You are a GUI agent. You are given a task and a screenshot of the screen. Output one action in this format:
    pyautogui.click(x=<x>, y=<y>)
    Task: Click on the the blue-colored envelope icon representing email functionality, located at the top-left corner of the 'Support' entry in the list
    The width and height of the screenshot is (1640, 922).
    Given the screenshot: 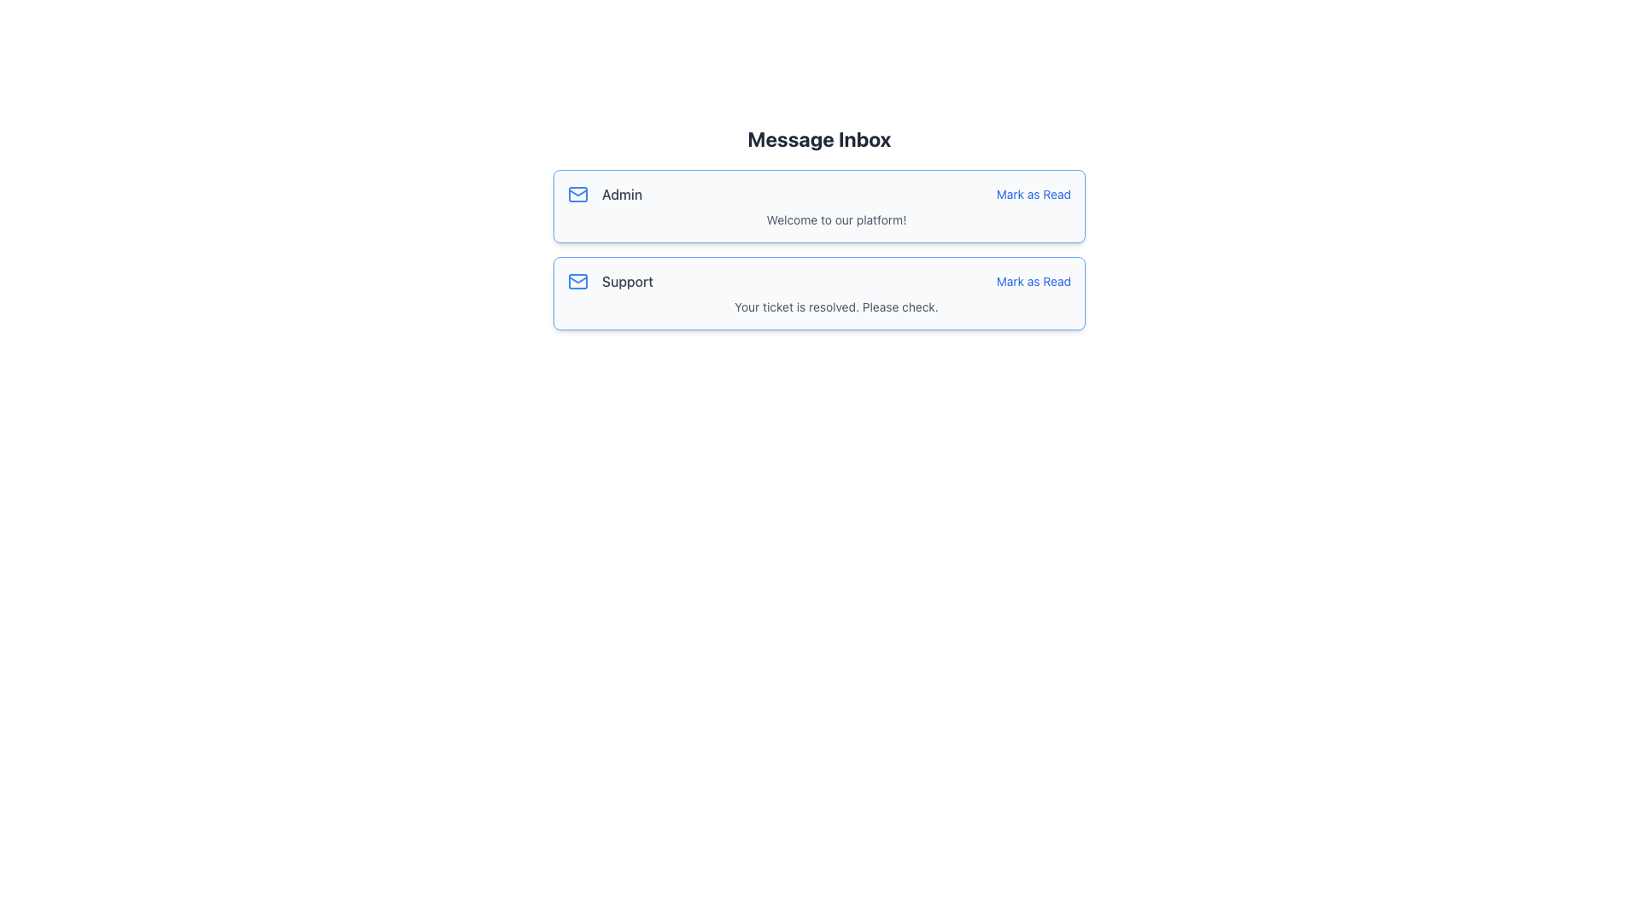 What is the action you would take?
    pyautogui.click(x=577, y=281)
    